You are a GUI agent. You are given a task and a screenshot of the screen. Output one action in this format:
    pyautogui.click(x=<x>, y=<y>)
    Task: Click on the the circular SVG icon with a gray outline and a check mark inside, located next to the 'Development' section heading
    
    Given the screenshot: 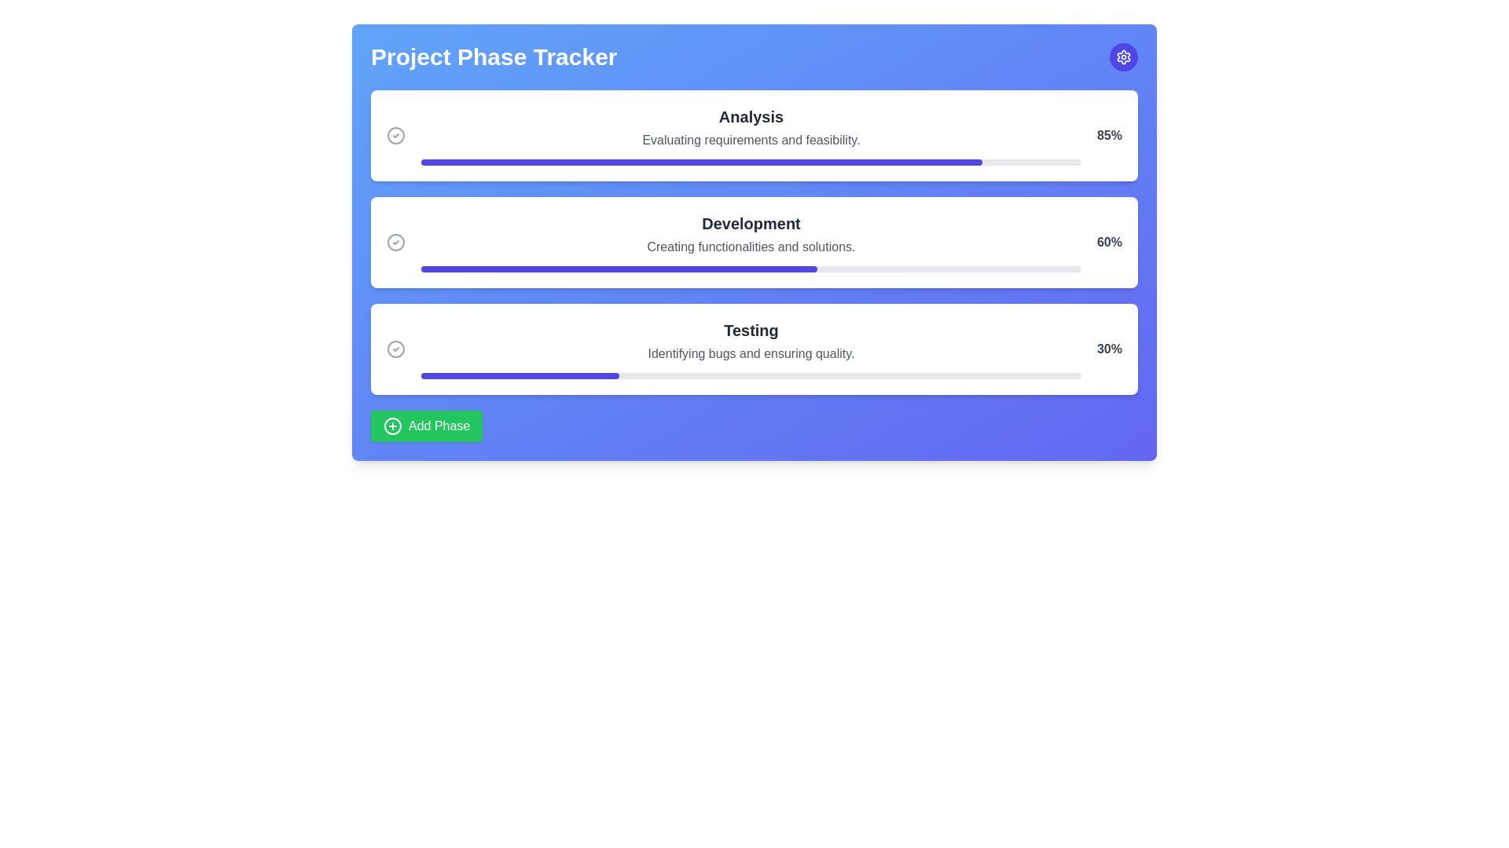 What is the action you would take?
    pyautogui.click(x=396, y=242)
    